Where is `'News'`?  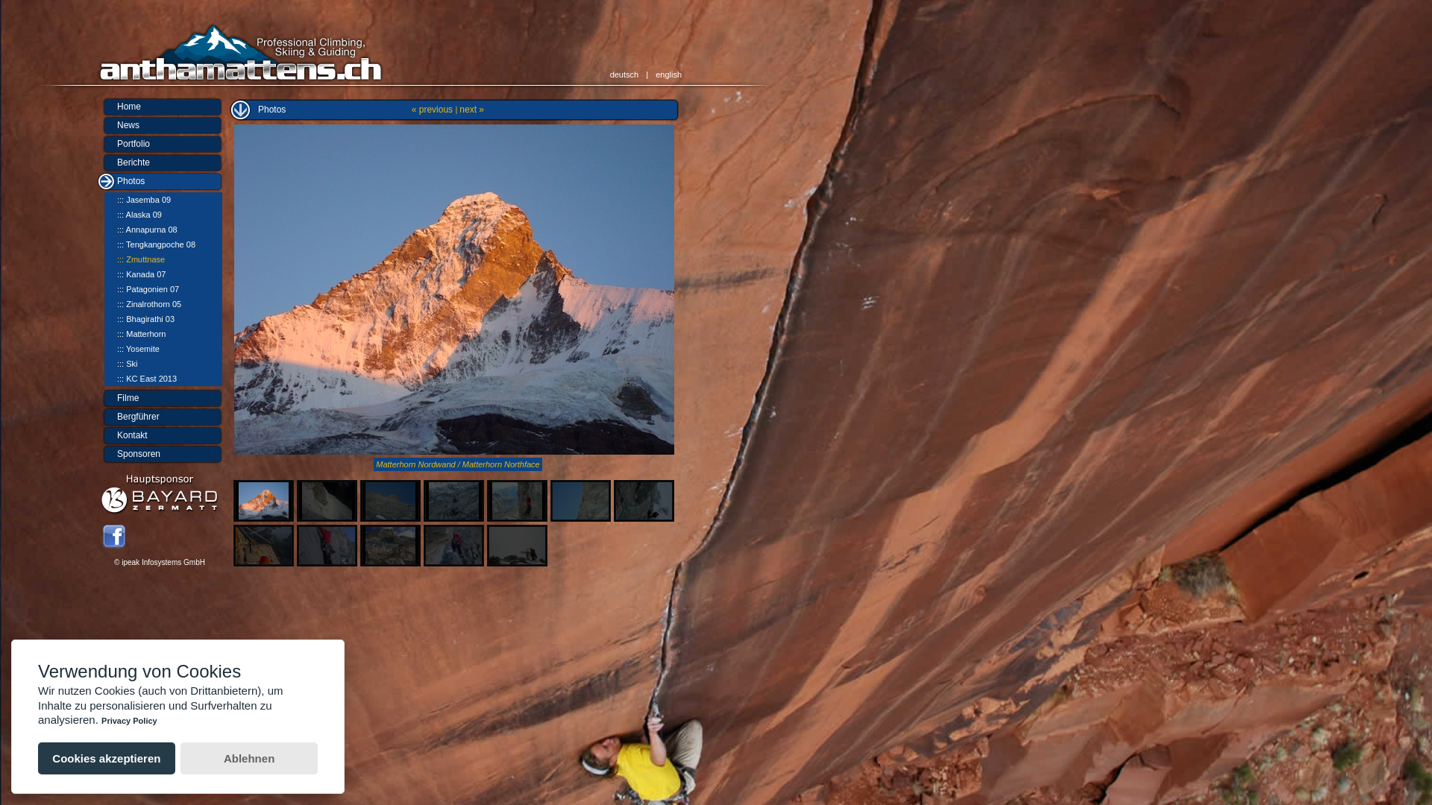 'News' is located at coordinates (117, 124).